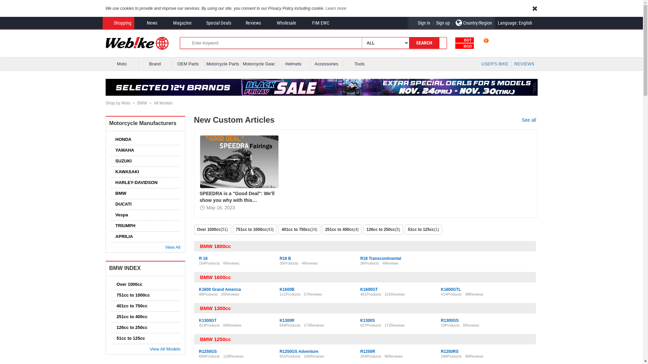 The image size is (648, 364). What do you see at coordinates (433, 23) in the screenshot?
I see `'Sign up'` at bounding box center [433, 23].